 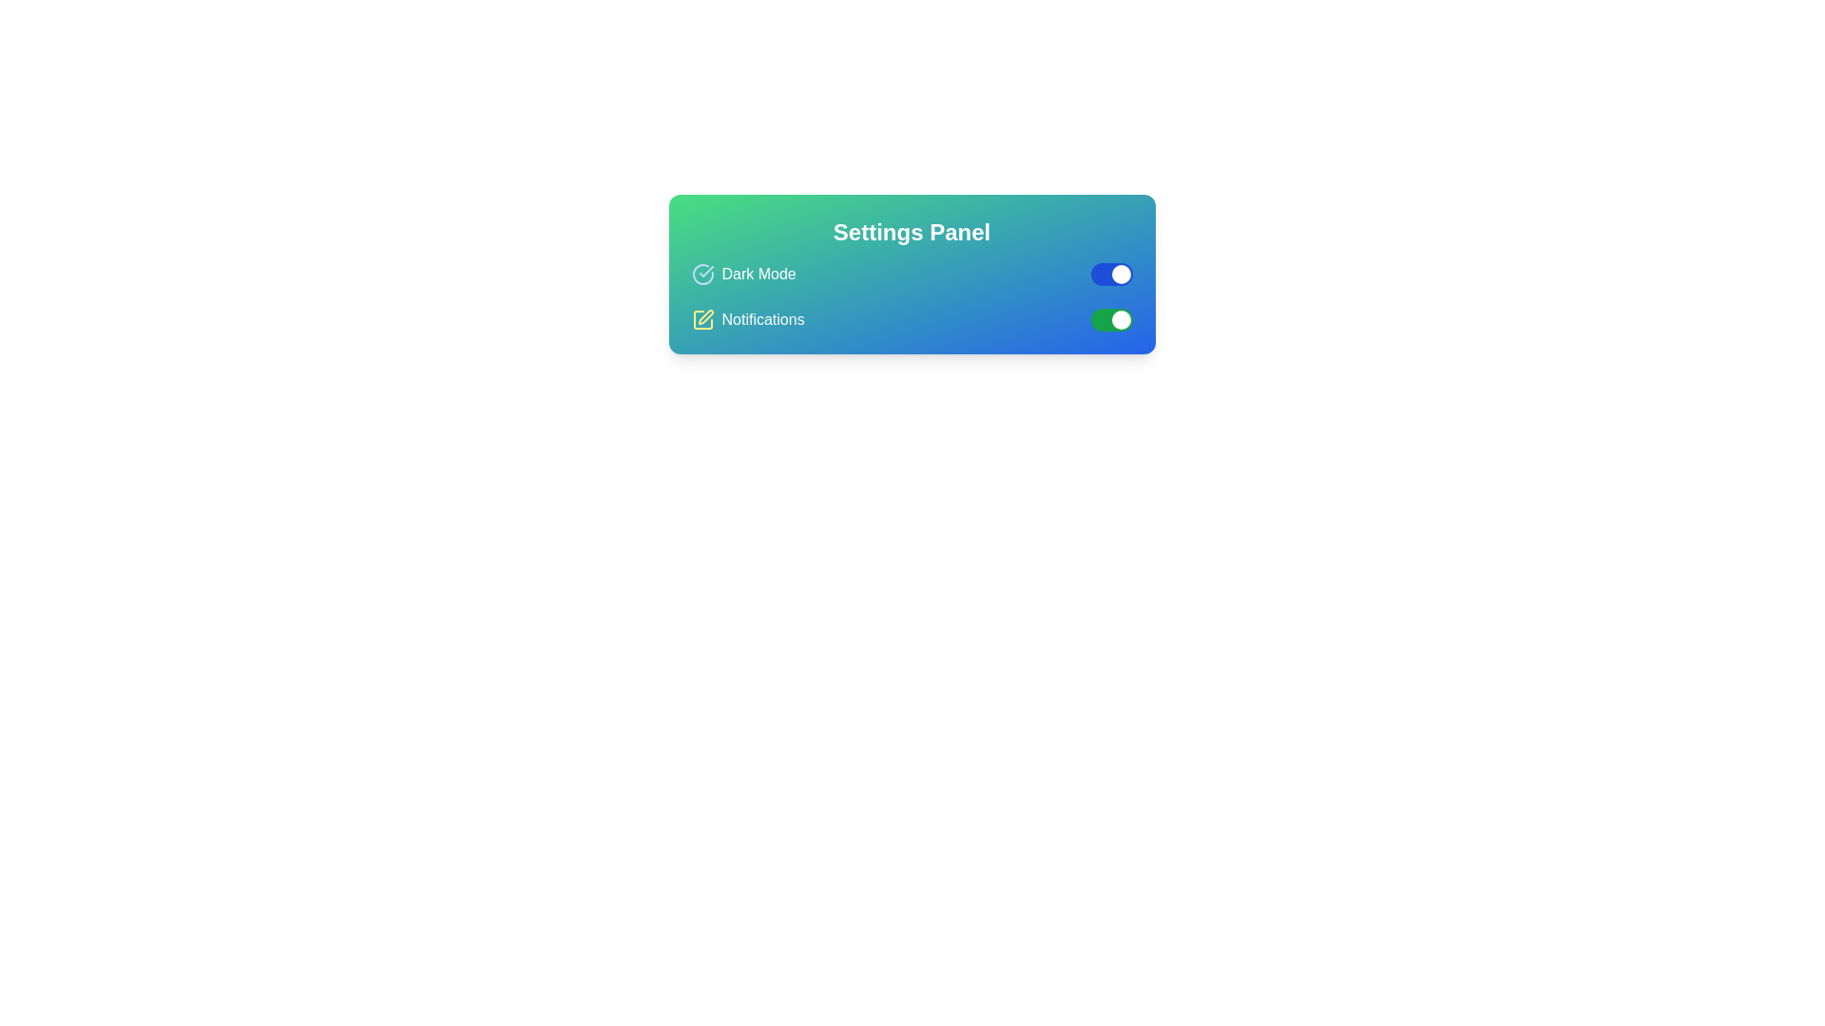 What do you see at coordinates (701, 318) in the screenshot?
I see `the interactive icon for editing or adjusting notification settings located to the left of the 'Notifications' text in the 'Settings Panel'` at bounding box center [701, 318].